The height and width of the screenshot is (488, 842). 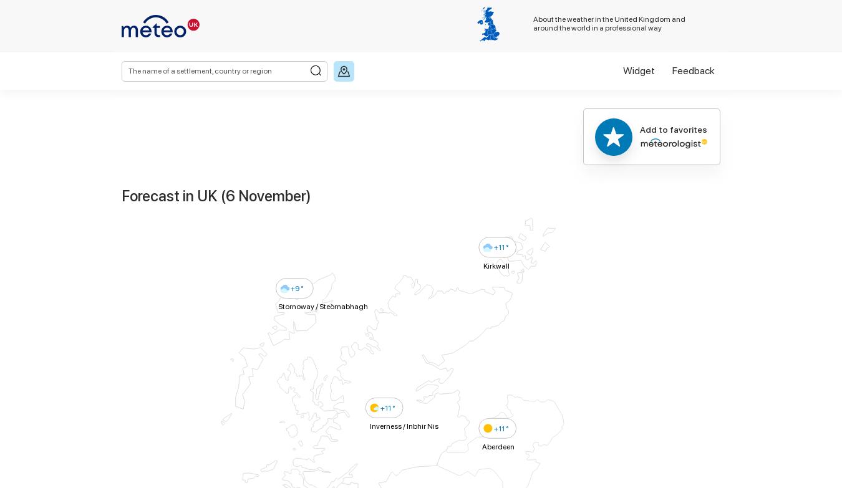 What do you see at coordinates (639, 70) in the screenshot?
I see `'Widget'` at bounding box center [639, 70].